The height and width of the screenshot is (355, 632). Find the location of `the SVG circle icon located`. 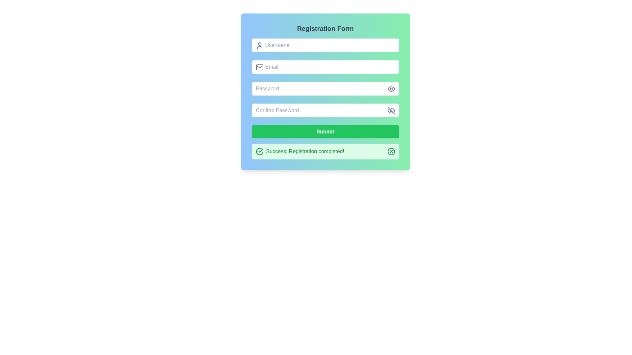

the SVG circle icon located is located at coordinates (391, 152).